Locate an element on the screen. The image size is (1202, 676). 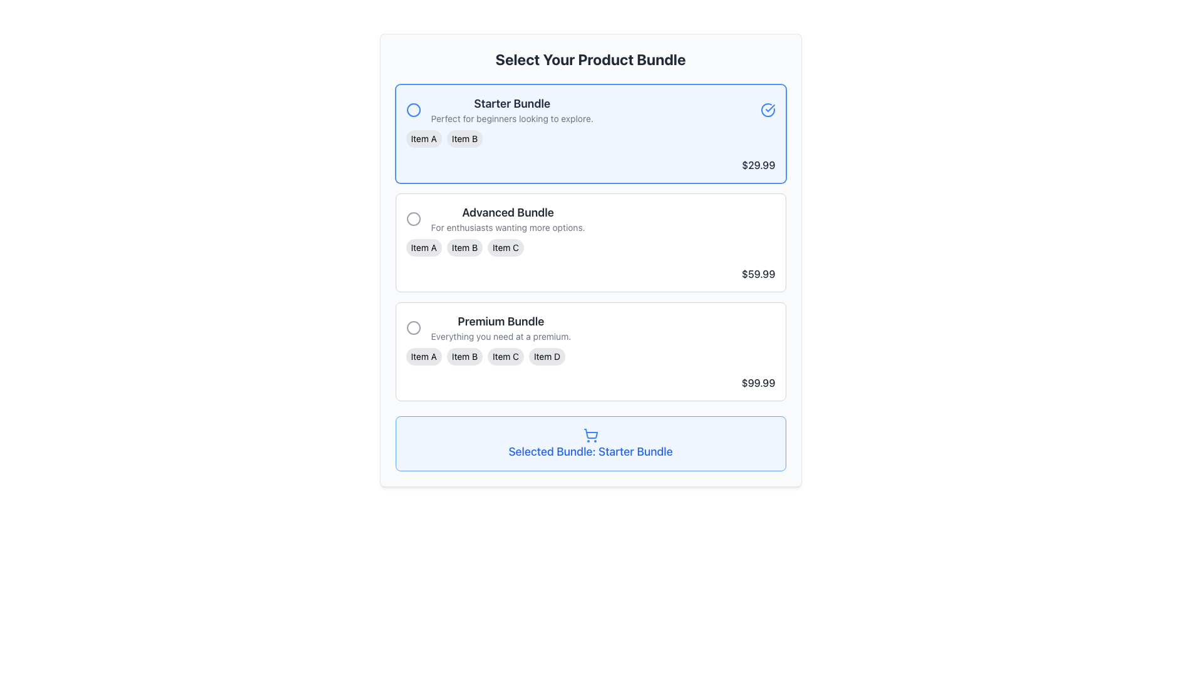
static text label at the top of the interface that indicates the purpose of selecting a product bundle is located at coordinates (590, 59).